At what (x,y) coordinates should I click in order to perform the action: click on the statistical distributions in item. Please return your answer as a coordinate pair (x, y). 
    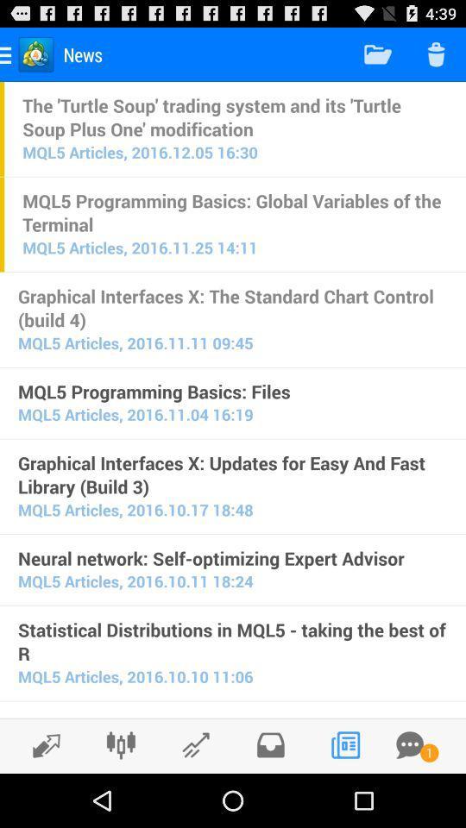
    Looking at the image, I should click on (233, 641).